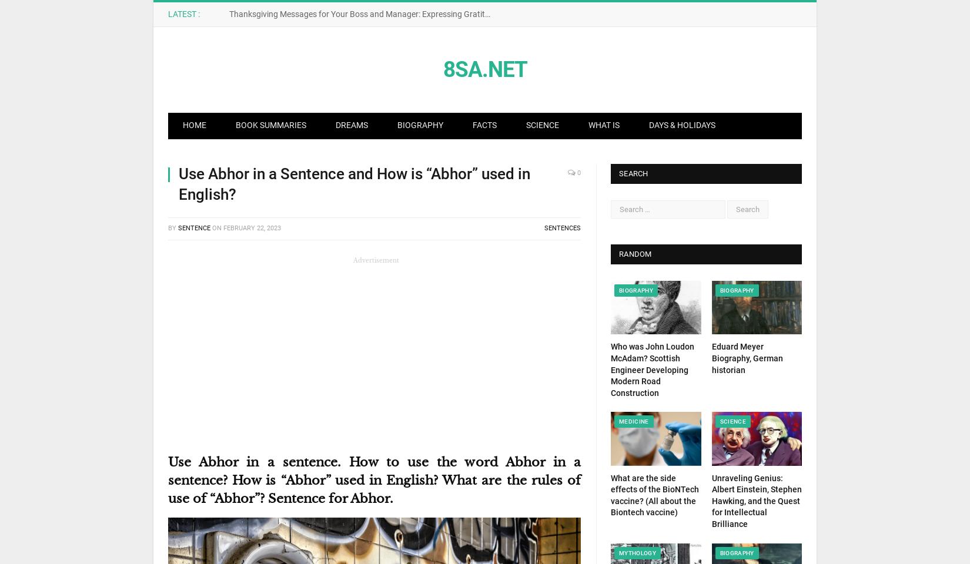  I want to click on '0', so click(578, 172).